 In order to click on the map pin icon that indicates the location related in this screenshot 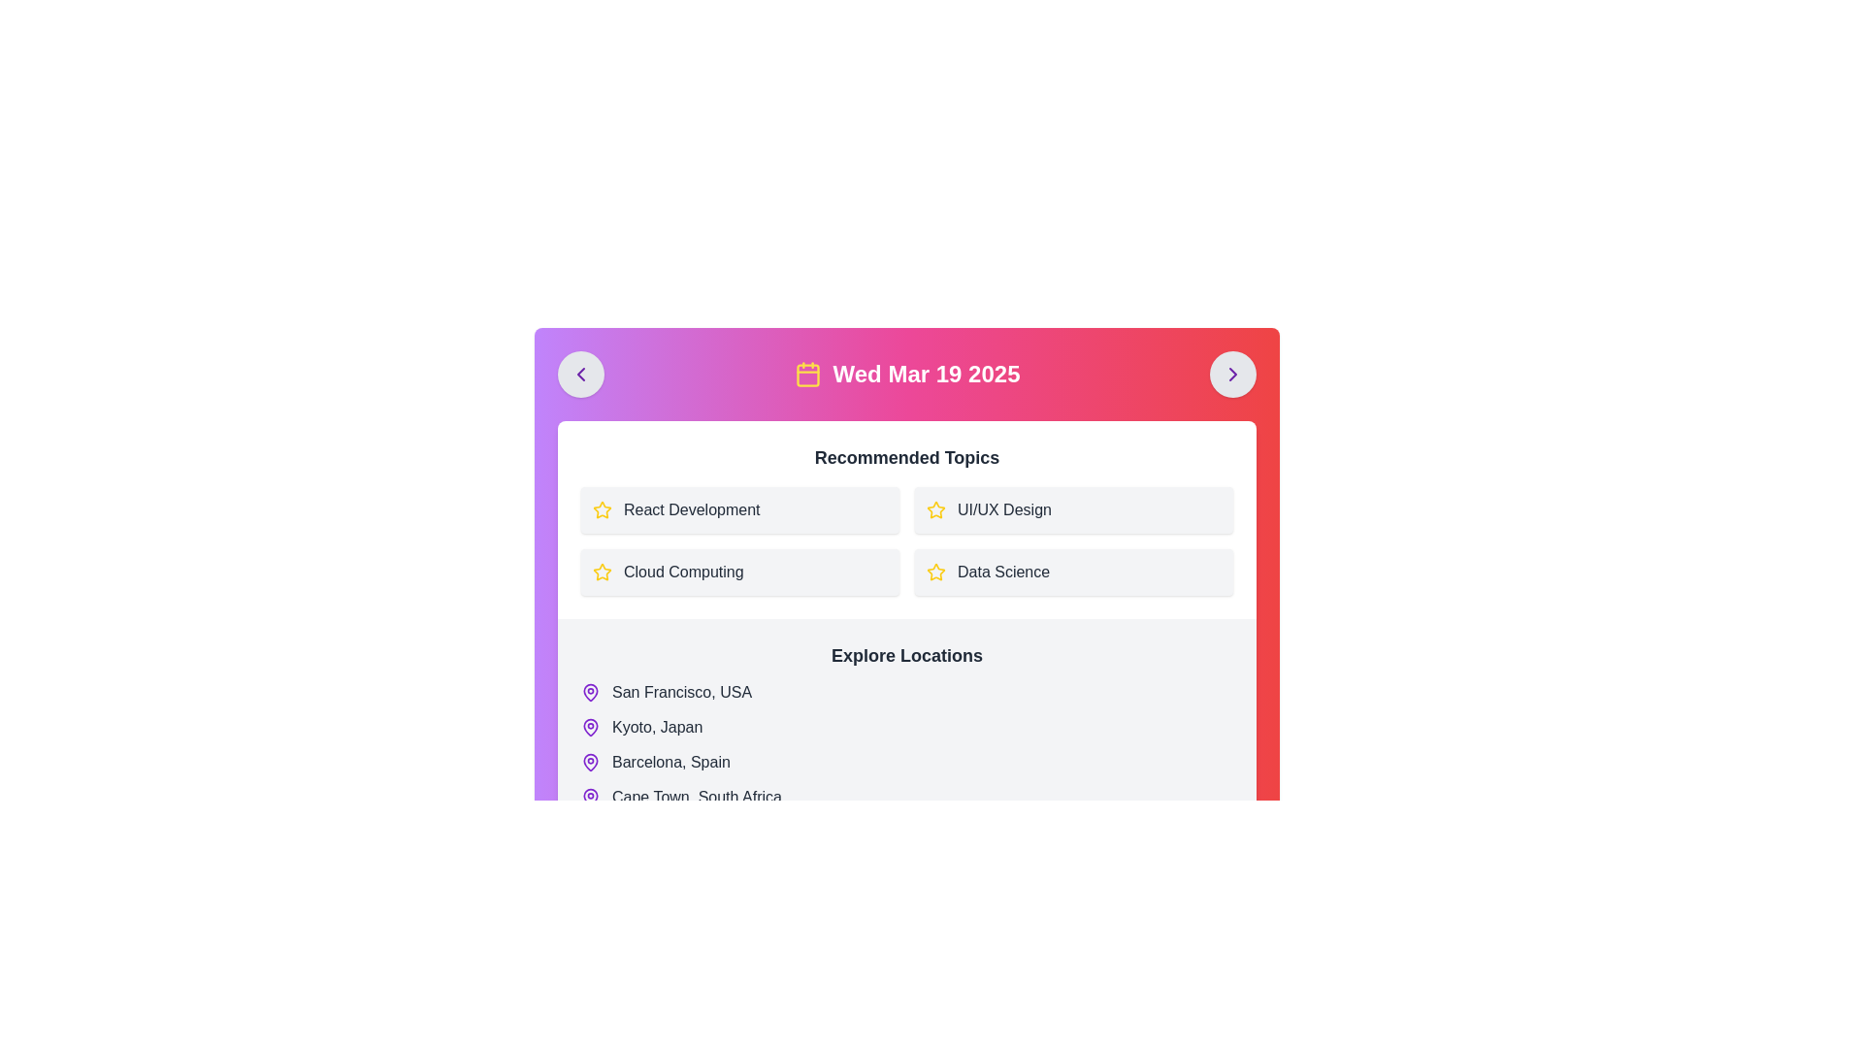, I will do `click(590, 797)`.